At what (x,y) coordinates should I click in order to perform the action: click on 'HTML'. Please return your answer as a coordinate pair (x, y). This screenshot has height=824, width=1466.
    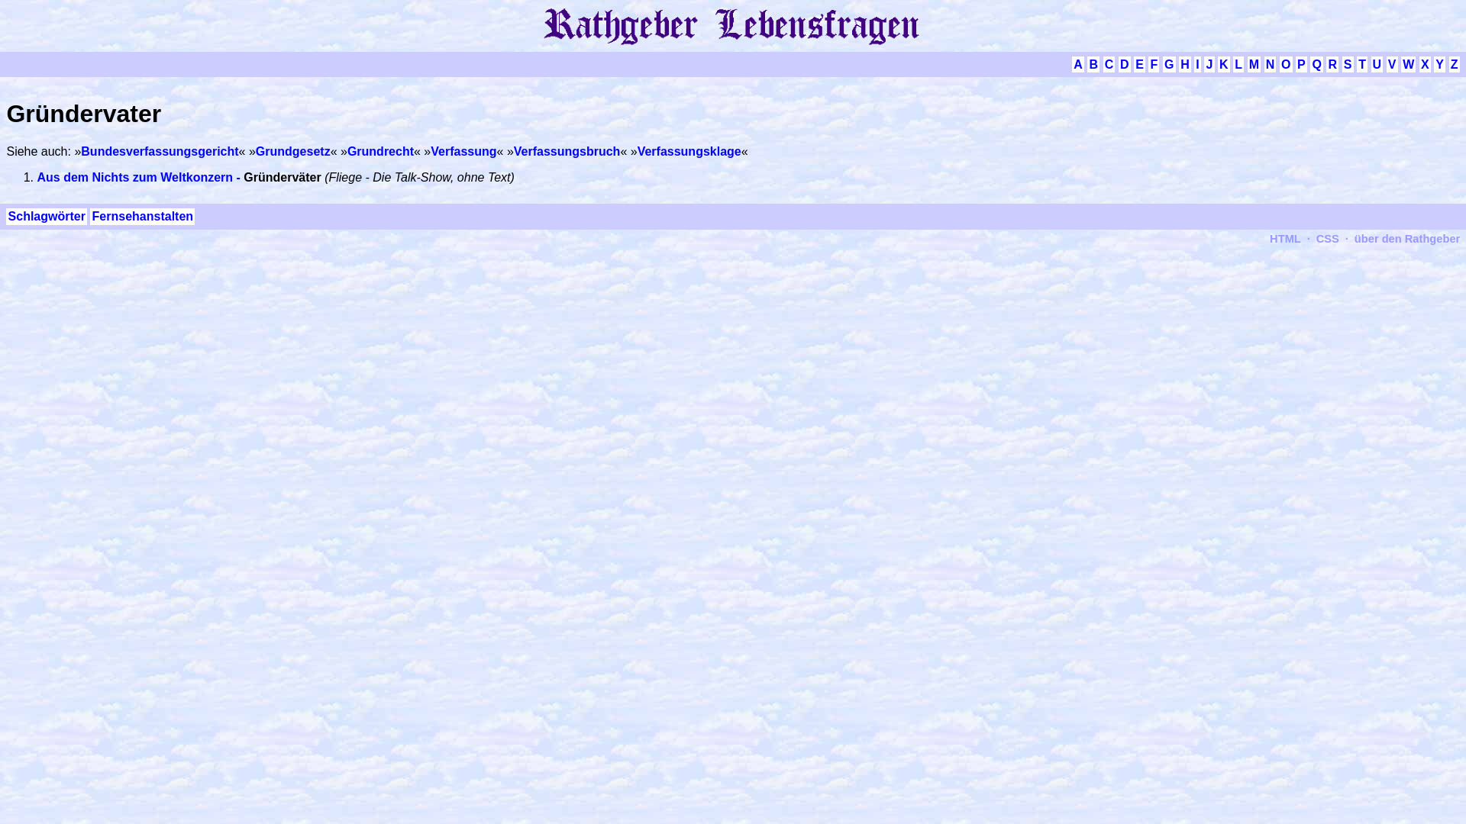
    Looking at the image, I should click on (1284, 238).